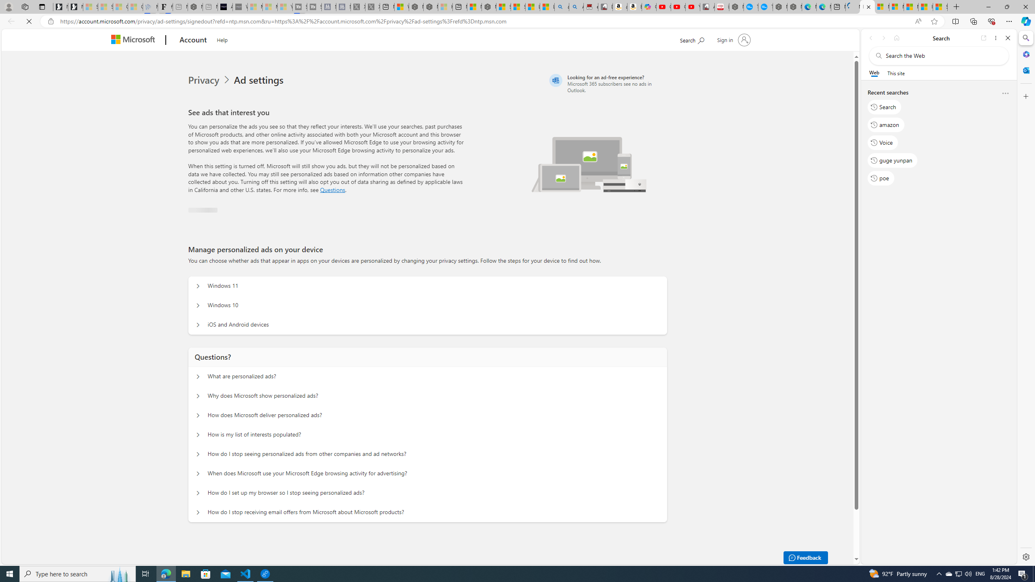  I want to click on 'Home', so click(896, 38).